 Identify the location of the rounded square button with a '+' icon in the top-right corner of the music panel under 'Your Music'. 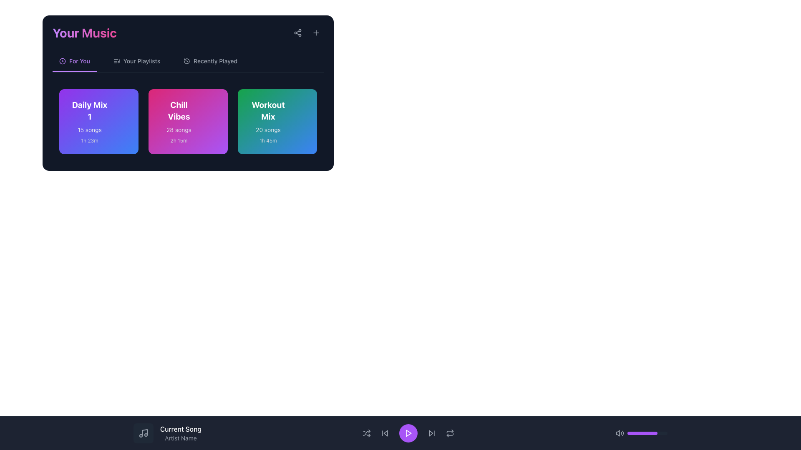
(316, 32).